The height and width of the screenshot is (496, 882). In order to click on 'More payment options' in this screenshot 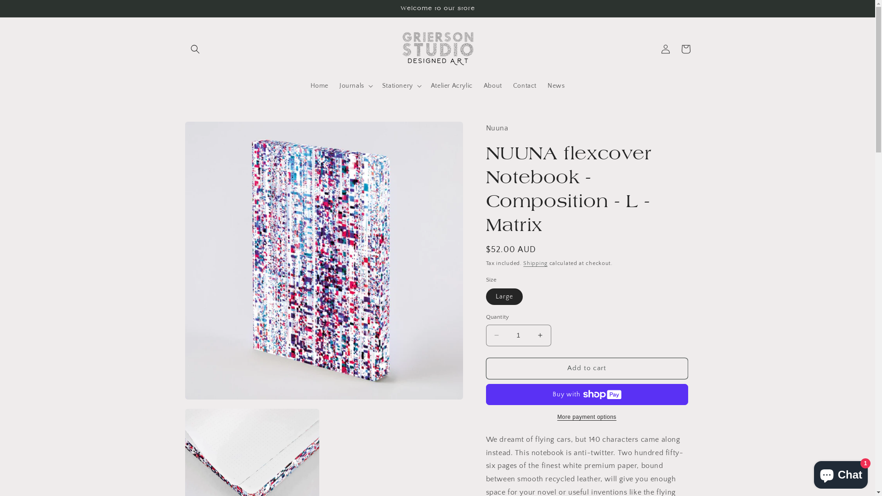, I will do `click(586, 417)`.